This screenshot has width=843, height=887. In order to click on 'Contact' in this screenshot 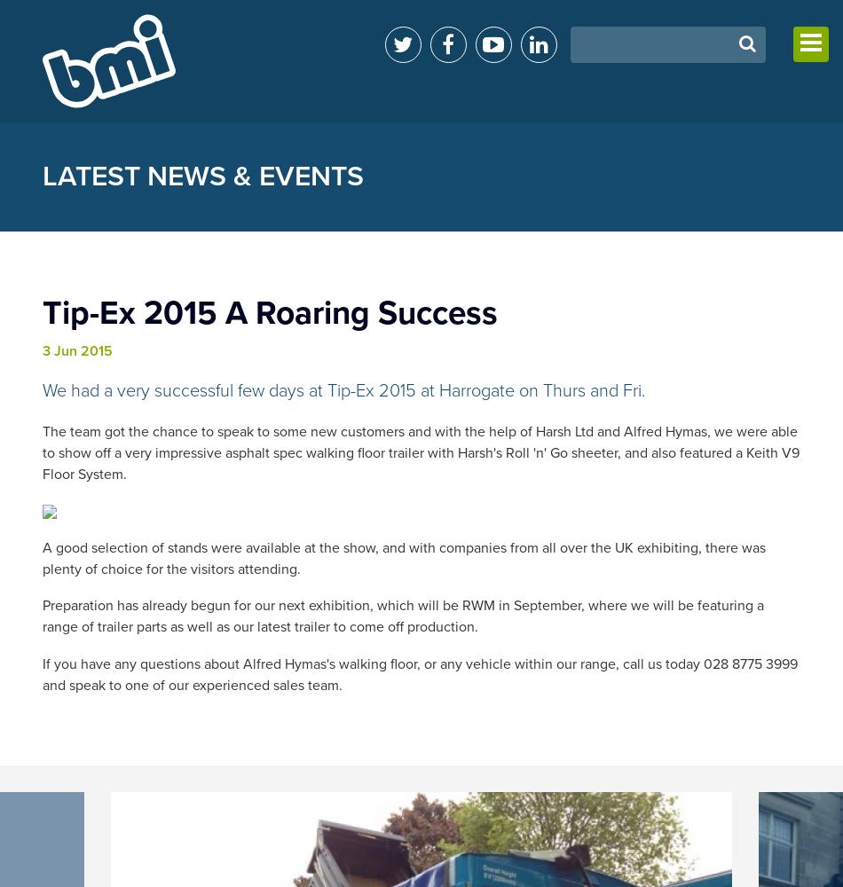, I will do `click(663, 179)`.